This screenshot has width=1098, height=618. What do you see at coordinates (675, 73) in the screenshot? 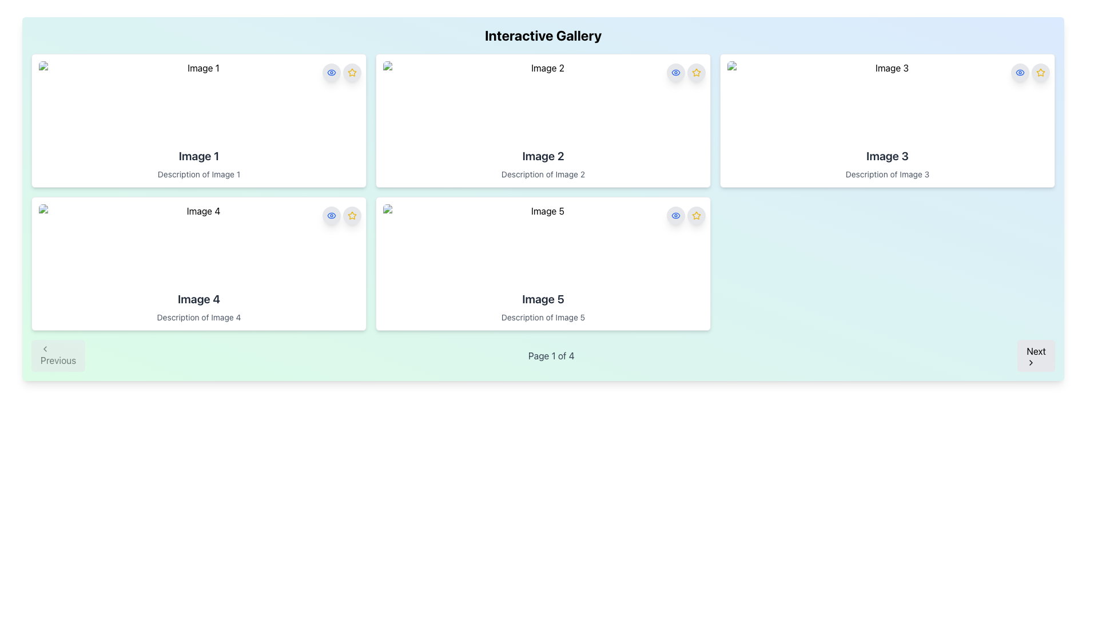
I see `the visibility toggling icon located in the top row of icons for 'Image 5', positioned left of the star-shaped icon` at bounding box center [675, 73].